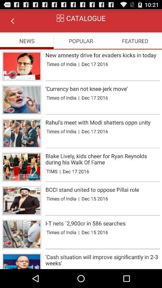 This screenshot has width=162, height=288. What do you see at coordinates (79, 97) in the screenshot?
I see `app to the left of the dec 17 2016 item` at bounding box center [79, 97].